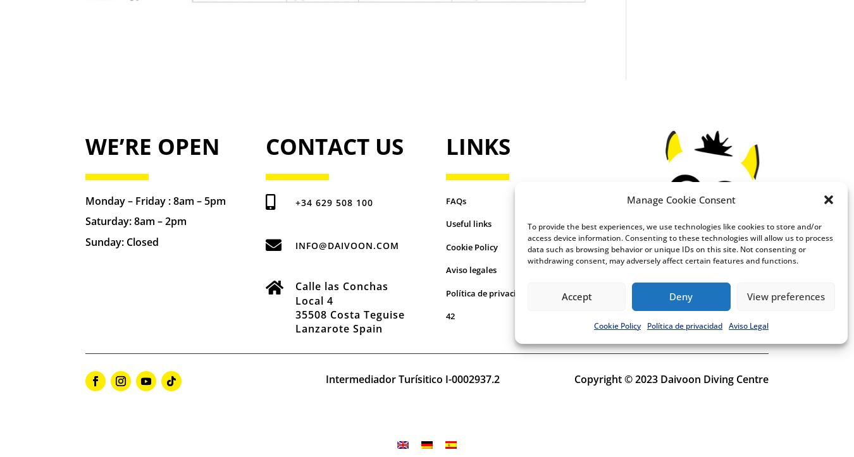 This screenshot has height=457, width=854. Describe the element at coordinates (671, 379) in the screenshot. I see `'Copyright © 2023 Daivoon Diving Centre'` at that location.